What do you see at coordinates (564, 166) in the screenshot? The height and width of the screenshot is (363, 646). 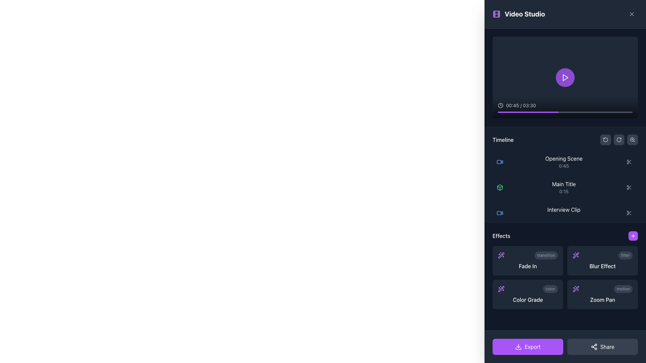 I see `the text label displaying the duration '0:45' located in the timeline section of the video editing interface, positioned below 'Opening Scene'` at bounding box center [564, 166].